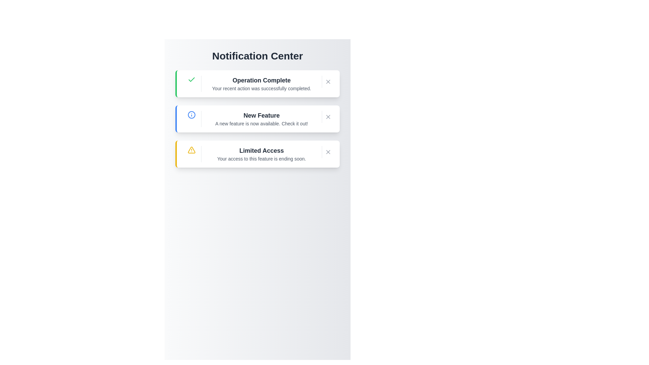 This screenshot has width=649, height=365. What do you see at coordinates (328, 152) in the screenshot?
I see `the close icon button located at the upper-right corner of the 'Limited Access' notification card` at bounding box center [328, 152].